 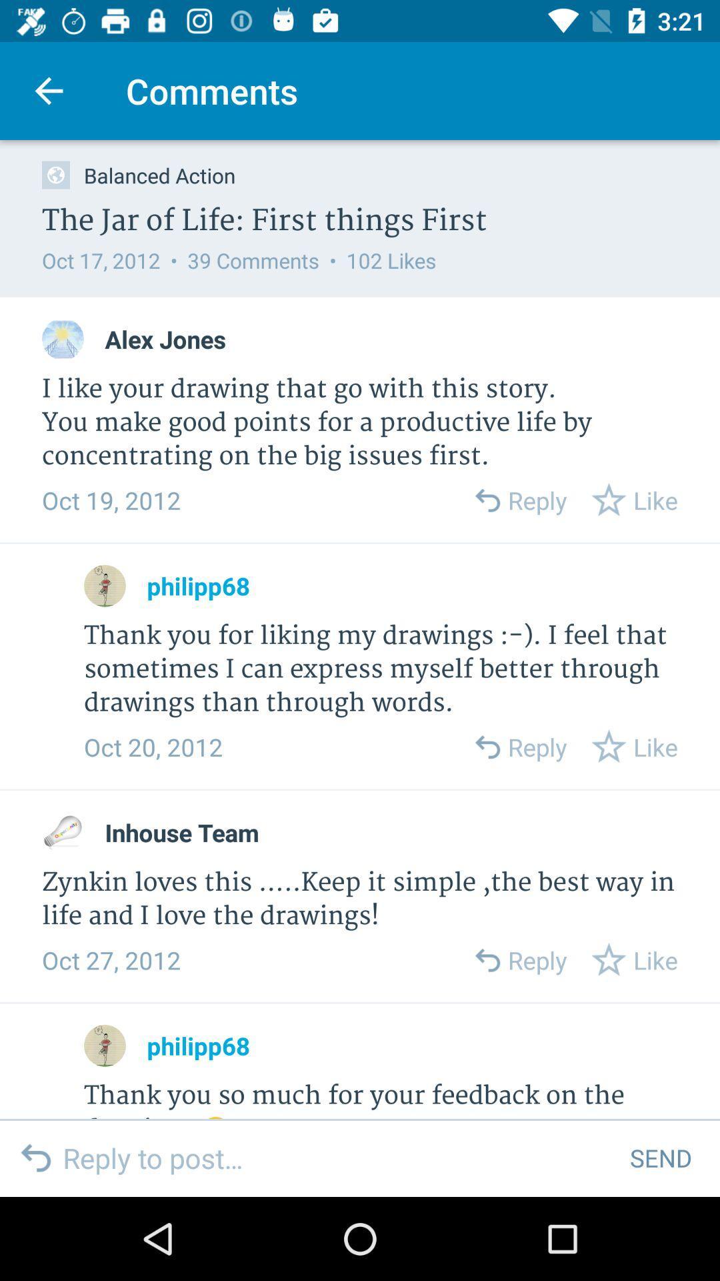 I want to click on the alex jones icon, so click(x=165, y=339).